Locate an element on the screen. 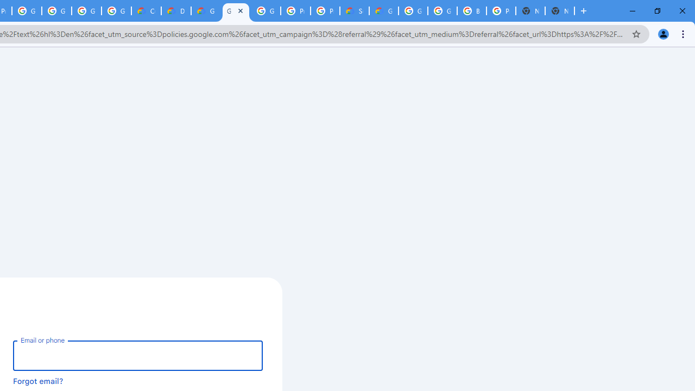  'Support Hub | Google Cloud' is located at coordinates (354, 11).